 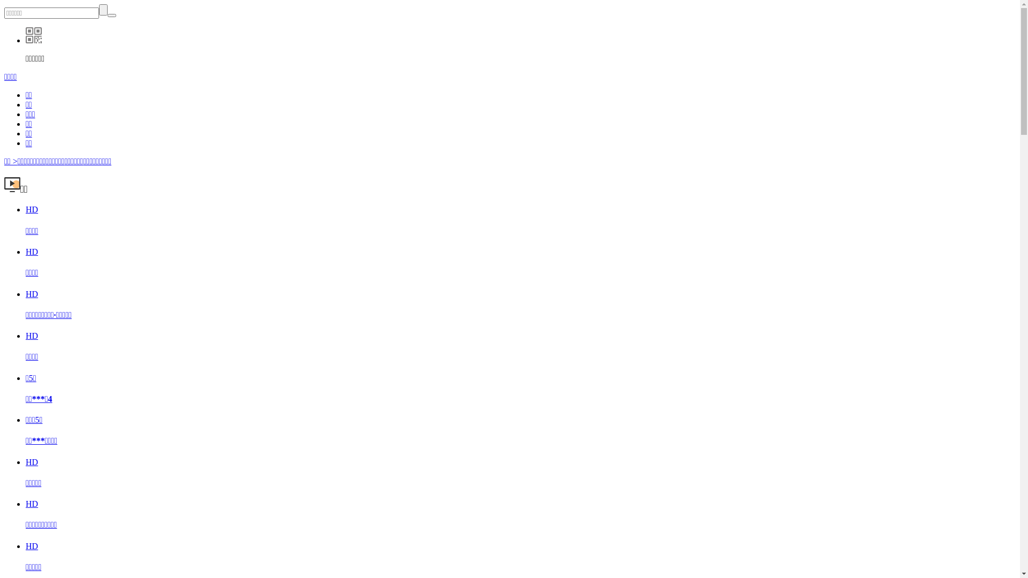 What do you see at coordinates (32, 504) in the screenshot?
I see `'HD'` at bounding box center [32, 504].